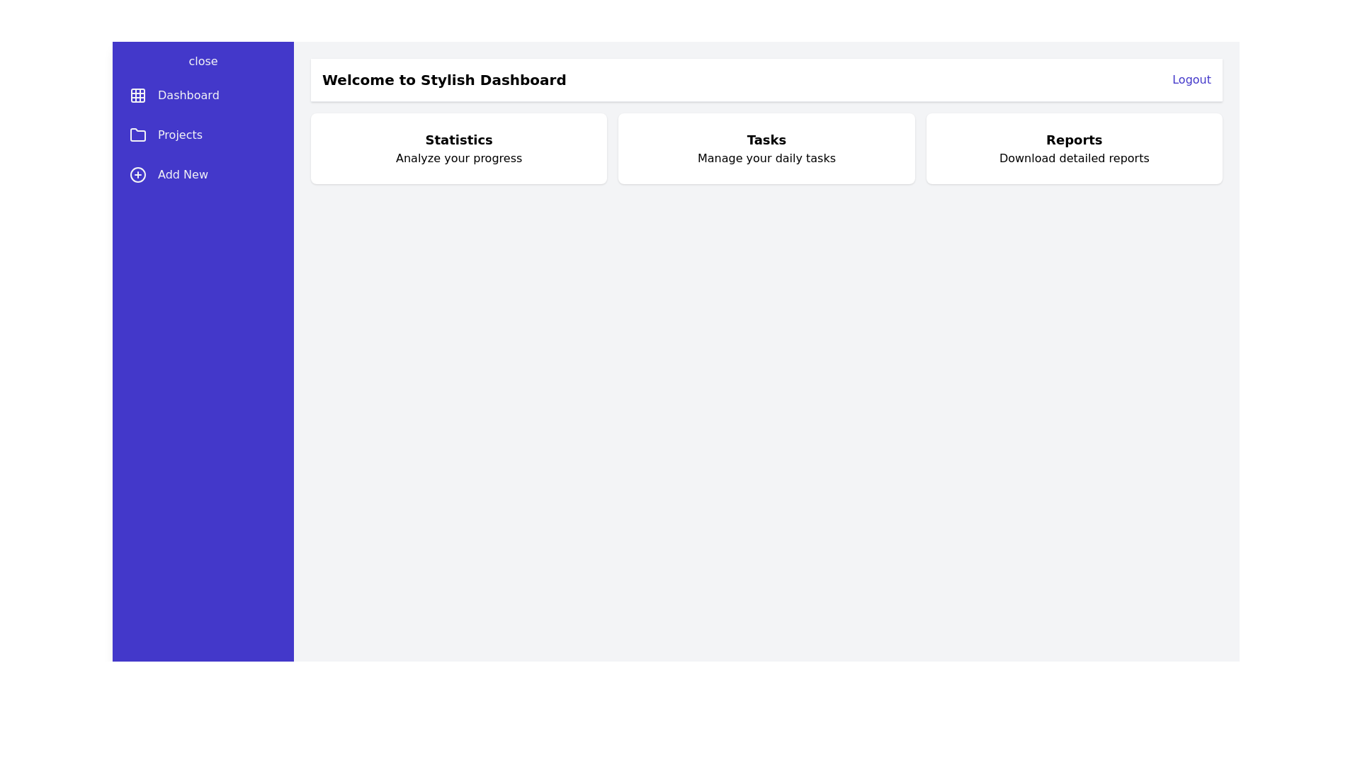 The width and height of the screenshot is (1360, 765). Describe the element at coordinates (1191, 79) in the screenshot. I see `the 'Logout' hyperlink, which is styled in indigo color and positioned in the top-right corner of the main page header` at that location.